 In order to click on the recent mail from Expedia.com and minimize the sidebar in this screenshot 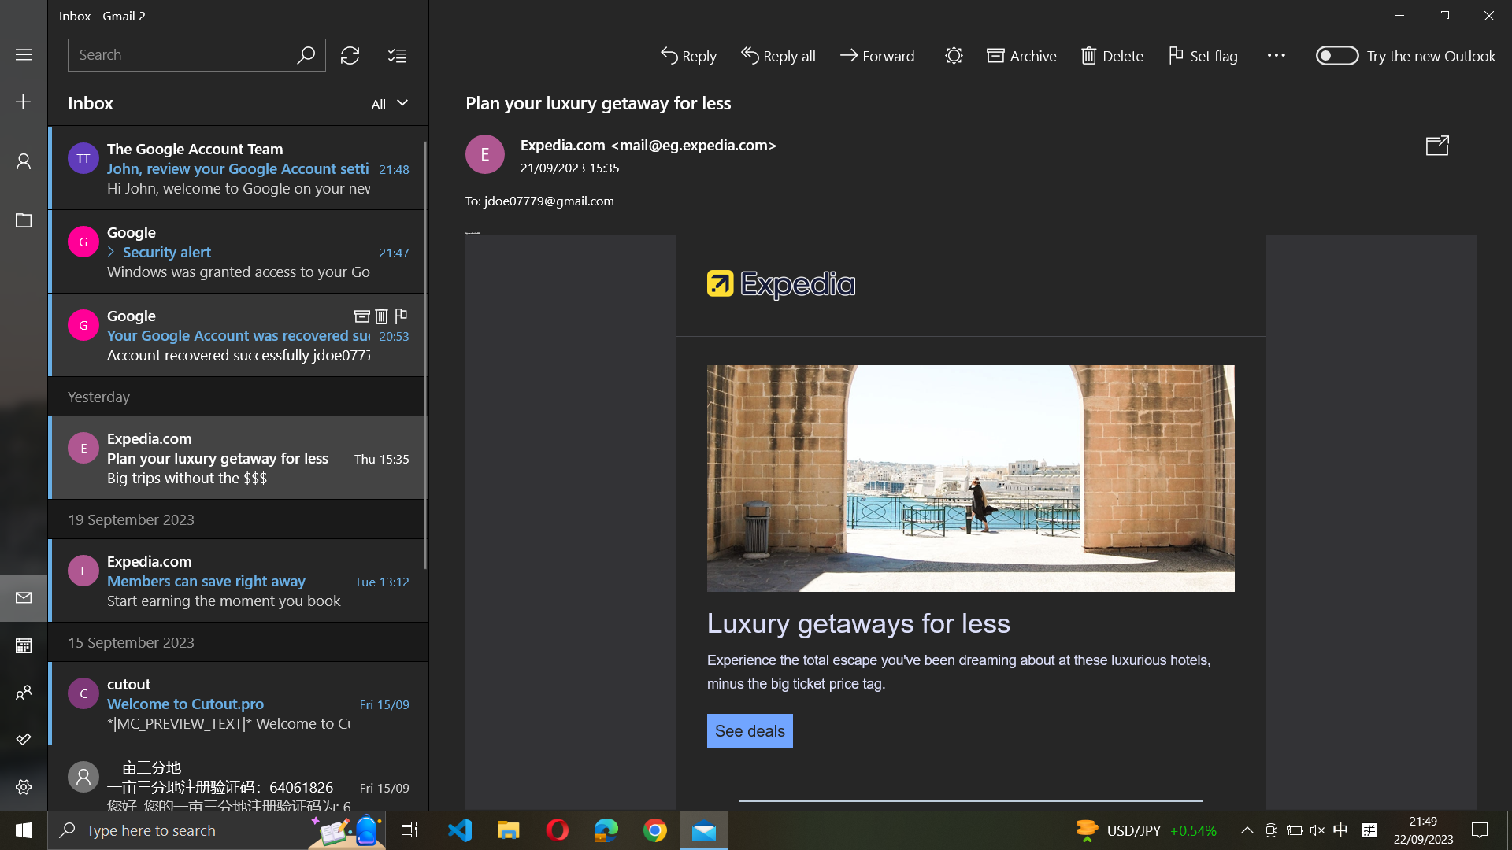, I will do `click(236, 456)`.